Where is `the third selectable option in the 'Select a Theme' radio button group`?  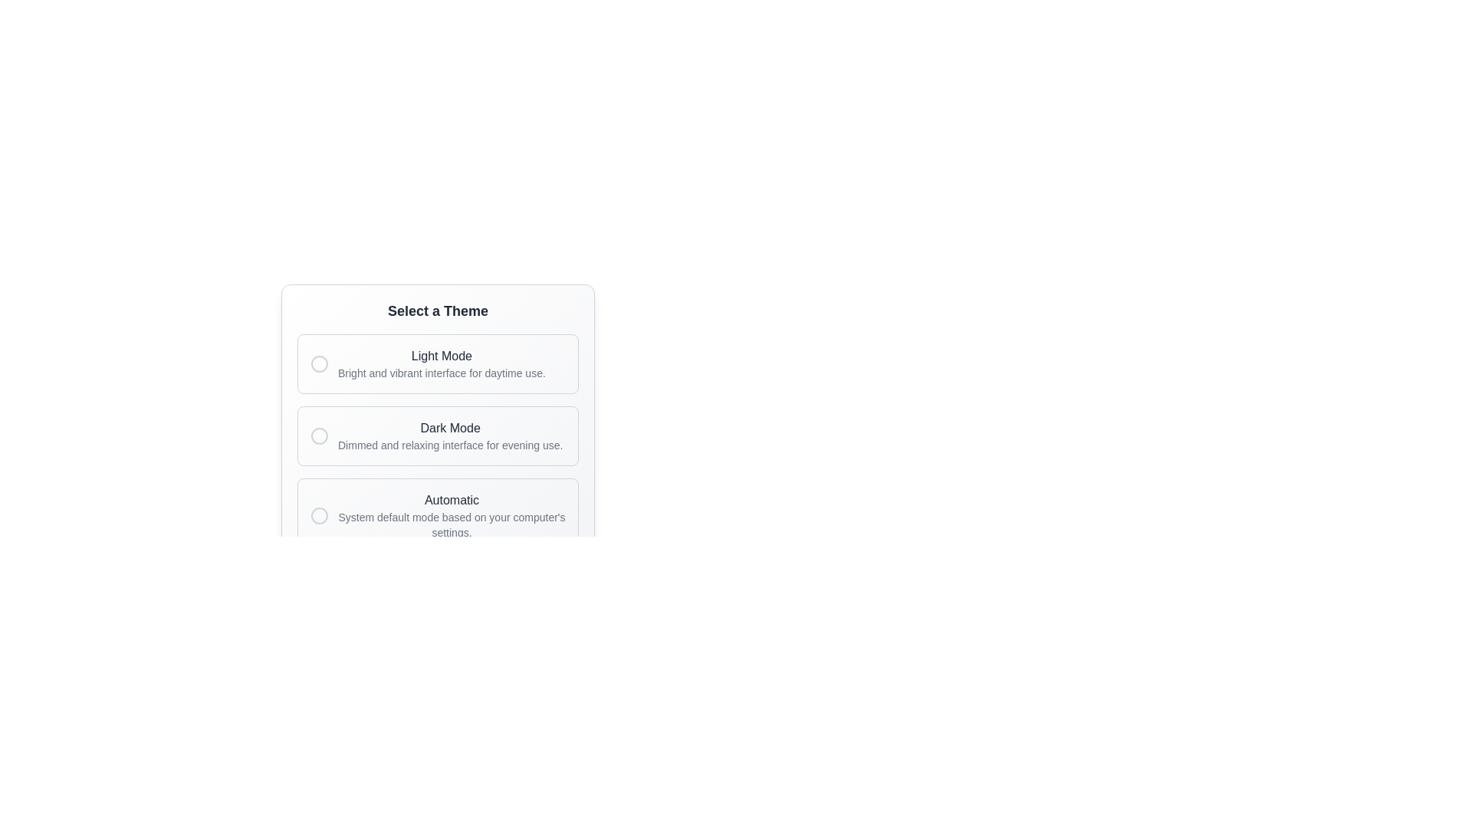
the third selectable option in the 'Select a Theme' radio button group is located at coordinates (437, 515).